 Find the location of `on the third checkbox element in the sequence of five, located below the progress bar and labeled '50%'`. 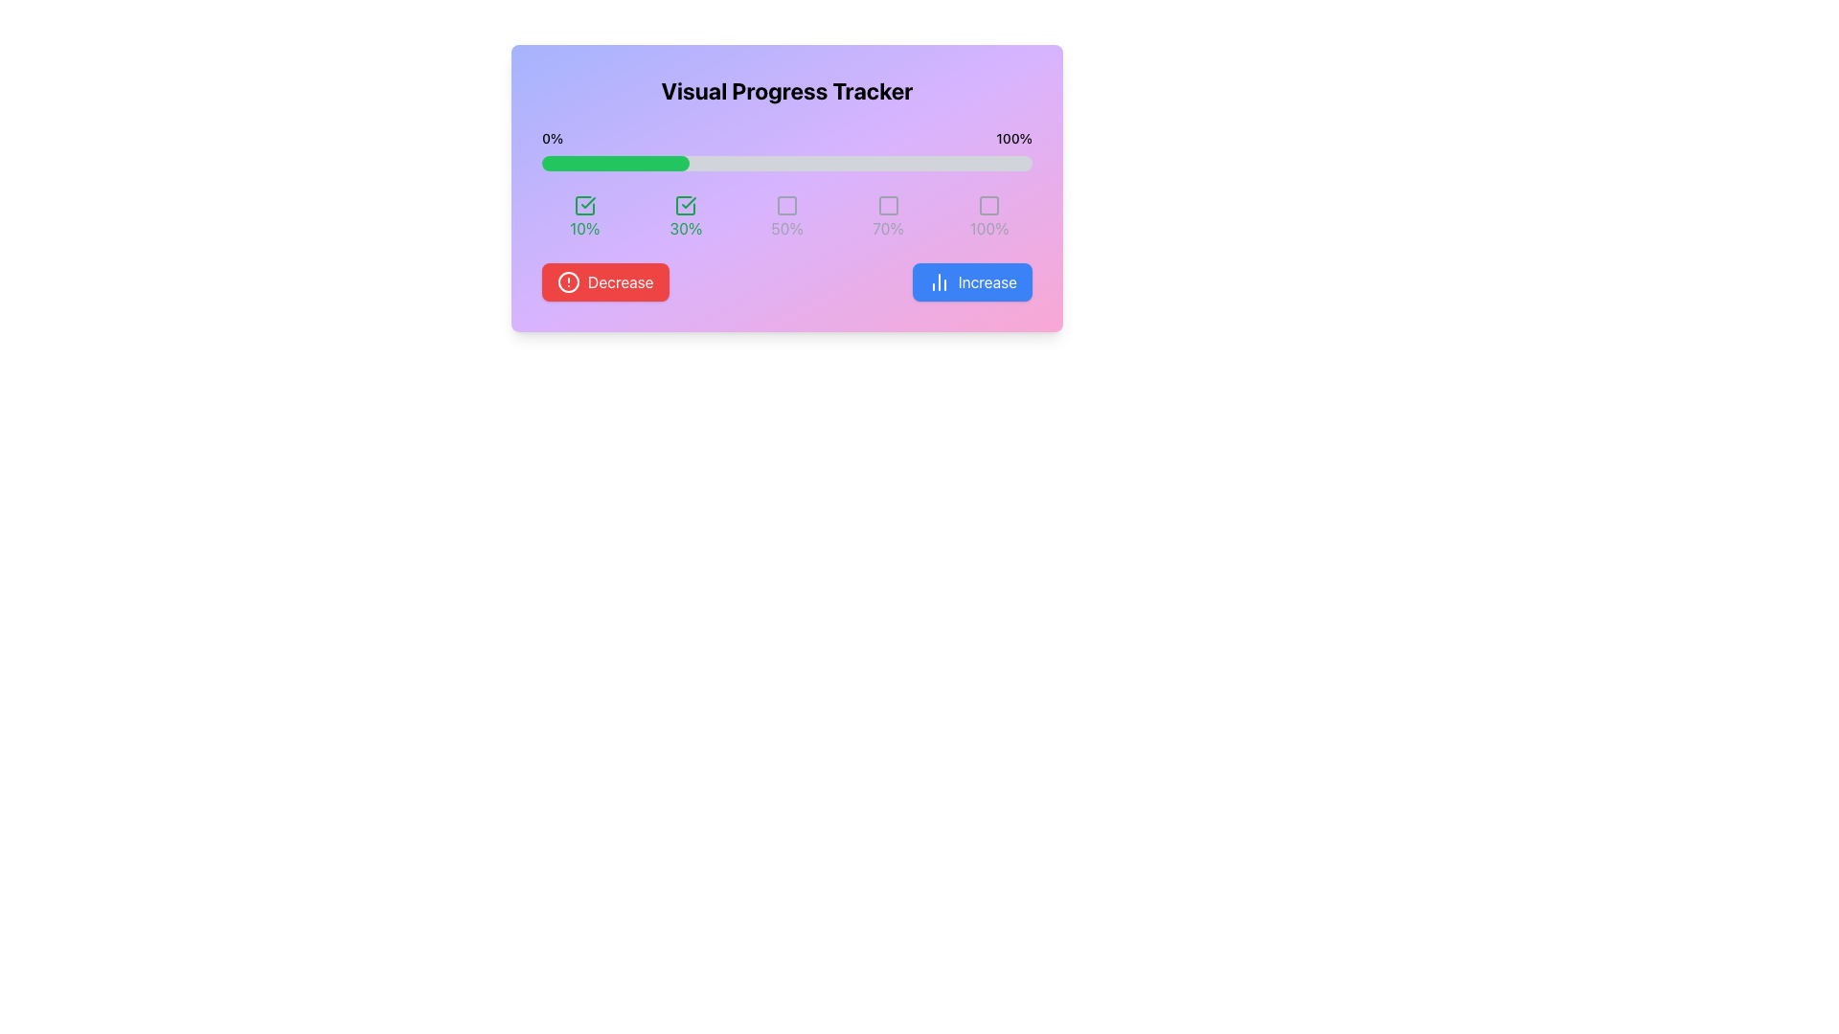

on the third checkbox element in the sequence of five, located below the progress bar and labeled '50%' is located at coordinates (786, 206).